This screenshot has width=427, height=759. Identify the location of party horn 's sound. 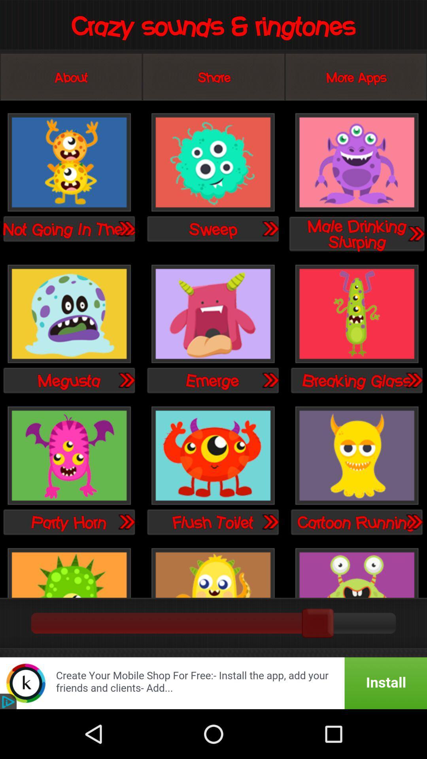
(126, 522).